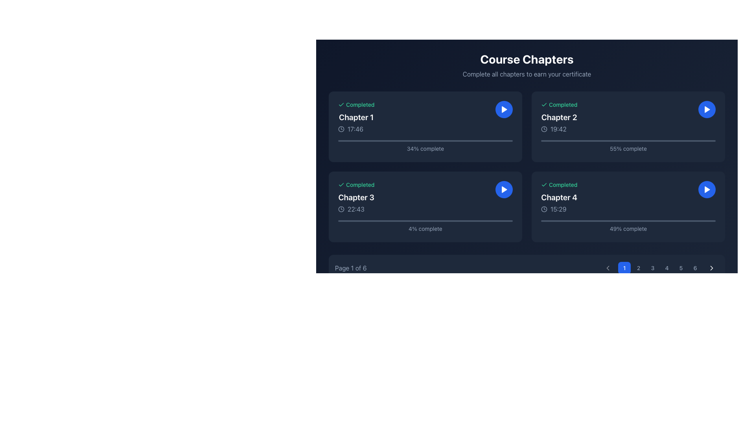 The image size is (755, 424). What do you see at coordinates (504, 189) in the screenshot?
I see `the circular blue button with a white triangular play icon located in the lower-right corner of the 'Chapter 3' card` at bounding box center [504, 189].